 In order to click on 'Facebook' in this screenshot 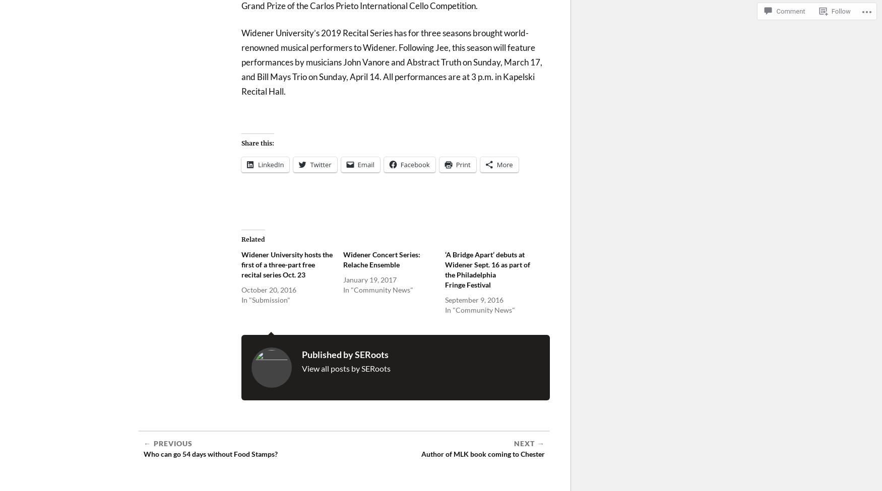, I will do `click(415, 164)`.